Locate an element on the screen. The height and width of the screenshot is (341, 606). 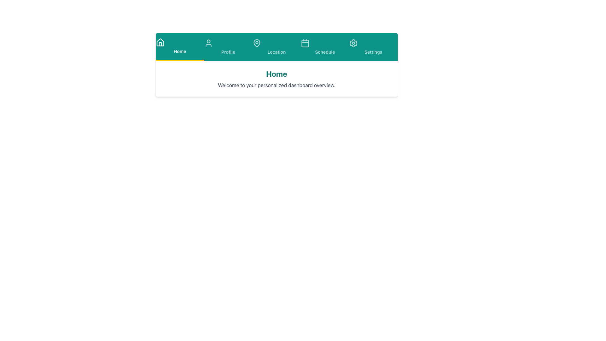
the gear-shaped settings icon located in the teal navigation bar at the top right, which is aligned above the text 'Settings' is located at coordinates (353, 43).